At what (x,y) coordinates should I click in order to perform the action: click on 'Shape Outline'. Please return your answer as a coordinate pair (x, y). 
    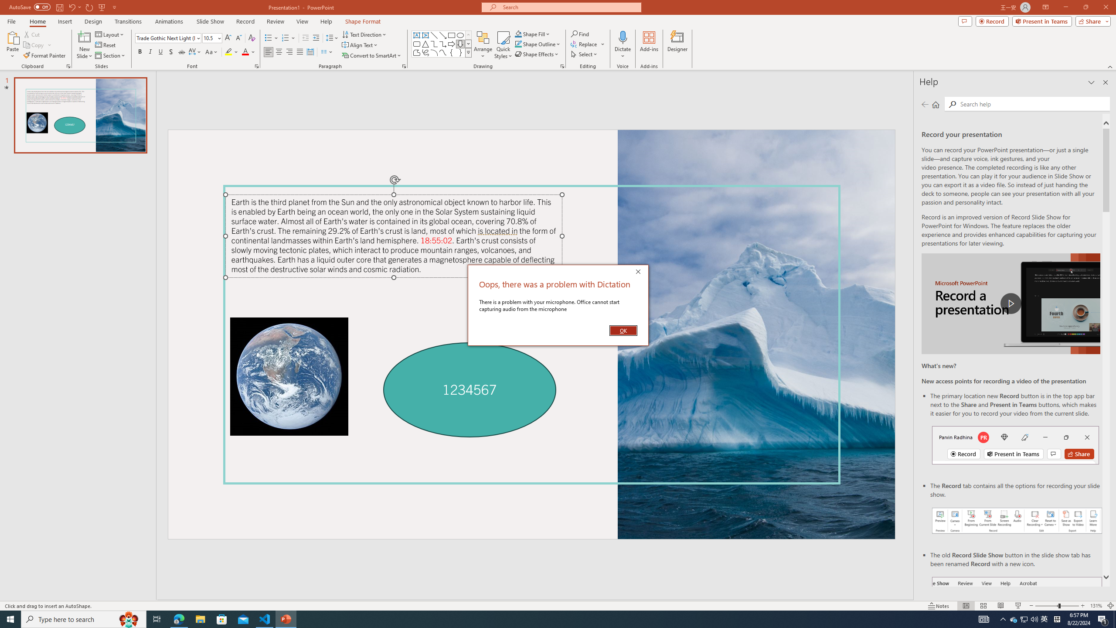
    Looking at the image, I should click on (537, 43).